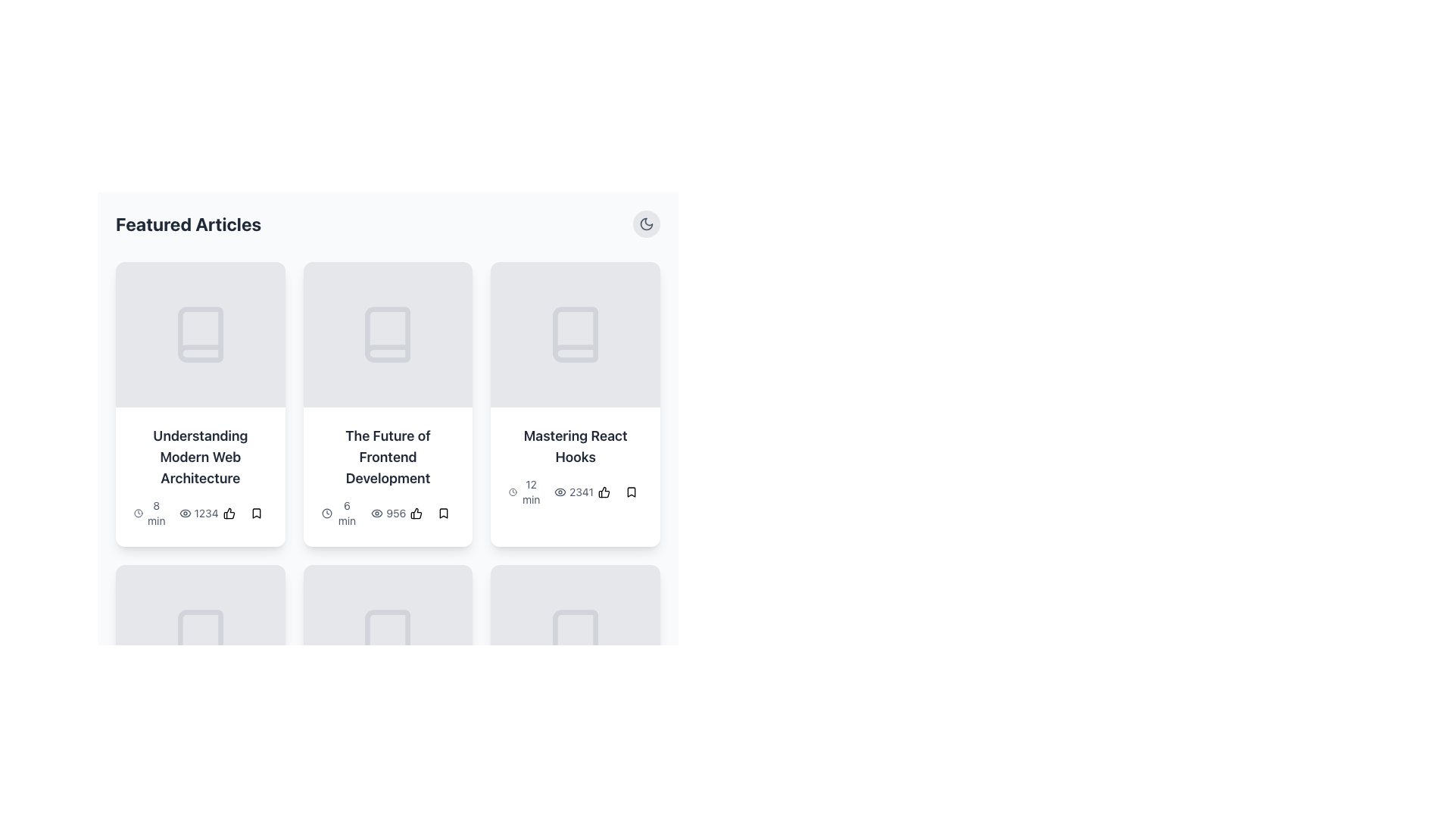 This screenshot has height=818, width=1454. I want to click on the mode-switching icon button located at the top right corner of the interface, so click(647, 224).